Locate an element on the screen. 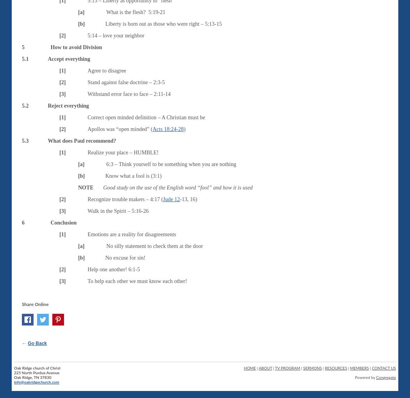 The width and height of the screenshot is (410, 398). 'Emotions are a reality for disagreements' is located at coordinates (132, 234).